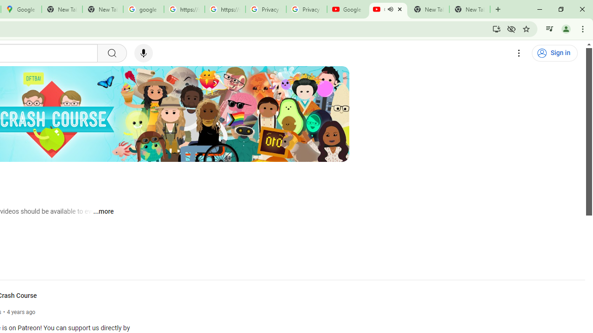  I want to click on 'Search with your voice', so click(143, 53).